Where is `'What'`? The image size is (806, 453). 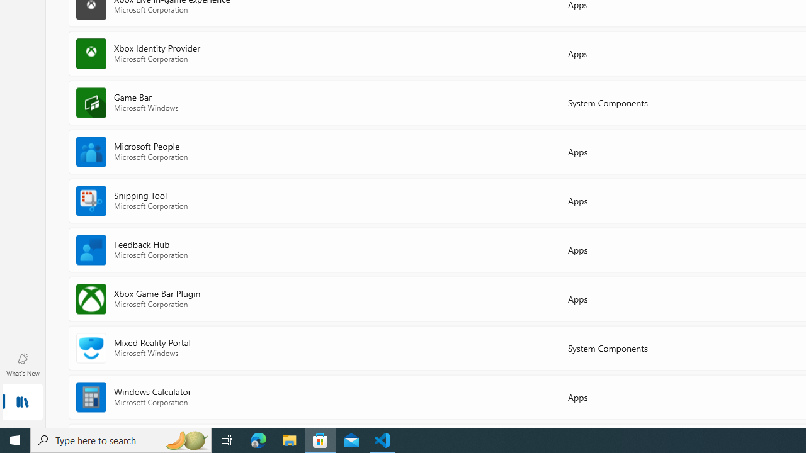
'What' is located at coordinates (22, 364).